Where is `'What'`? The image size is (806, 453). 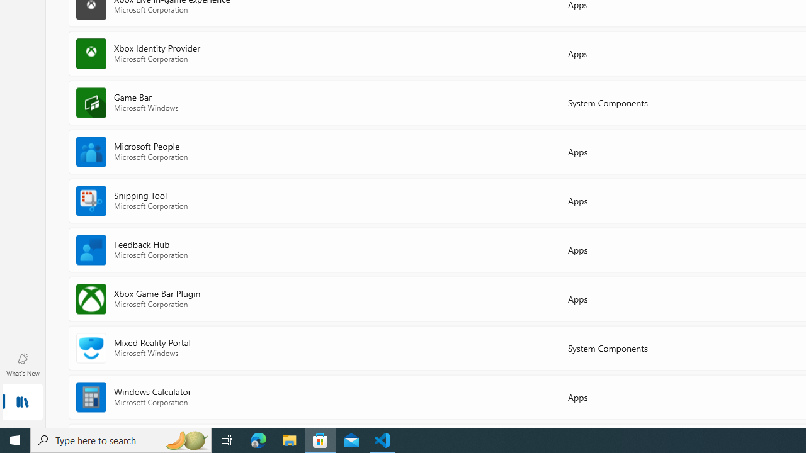
'What' is located at coordinates (22, 364).